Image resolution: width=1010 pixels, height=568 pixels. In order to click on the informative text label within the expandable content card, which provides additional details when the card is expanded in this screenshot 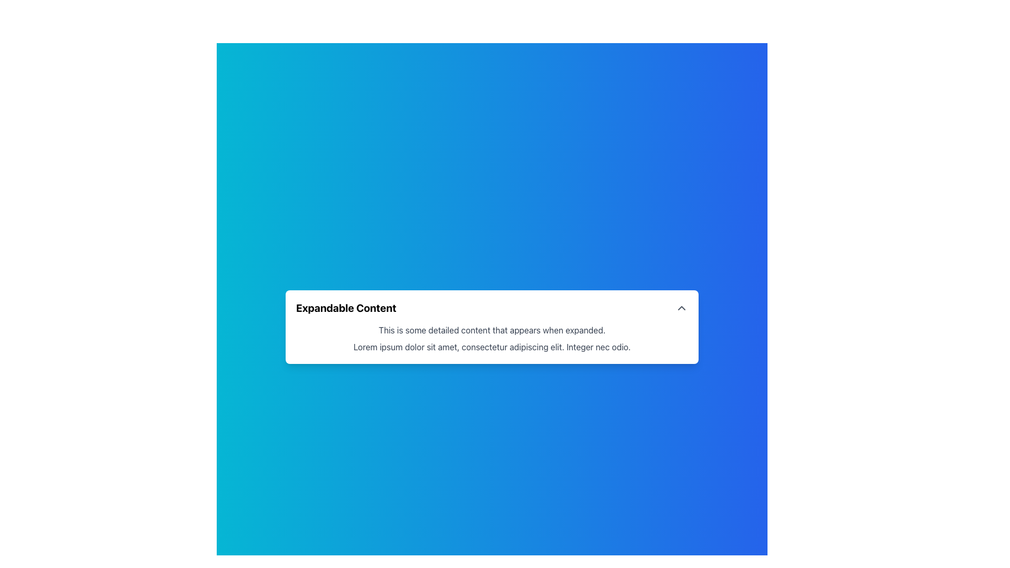, I will do `click(491, 330)`.